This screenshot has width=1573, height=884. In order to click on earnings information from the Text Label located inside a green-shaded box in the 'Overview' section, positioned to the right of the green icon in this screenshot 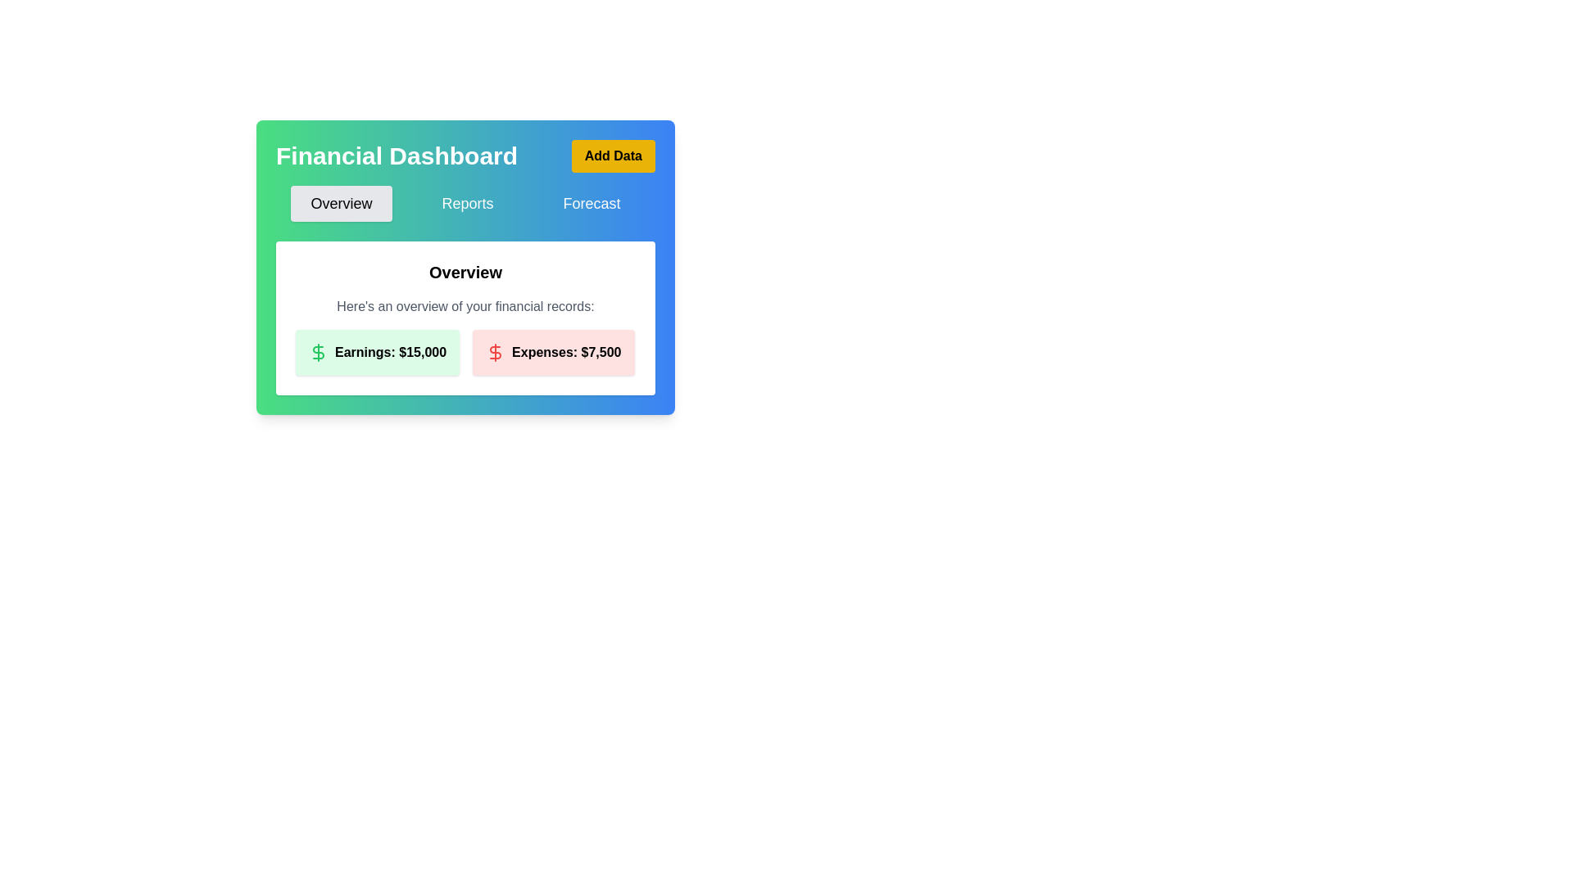, I will do `click(390, 352)`.